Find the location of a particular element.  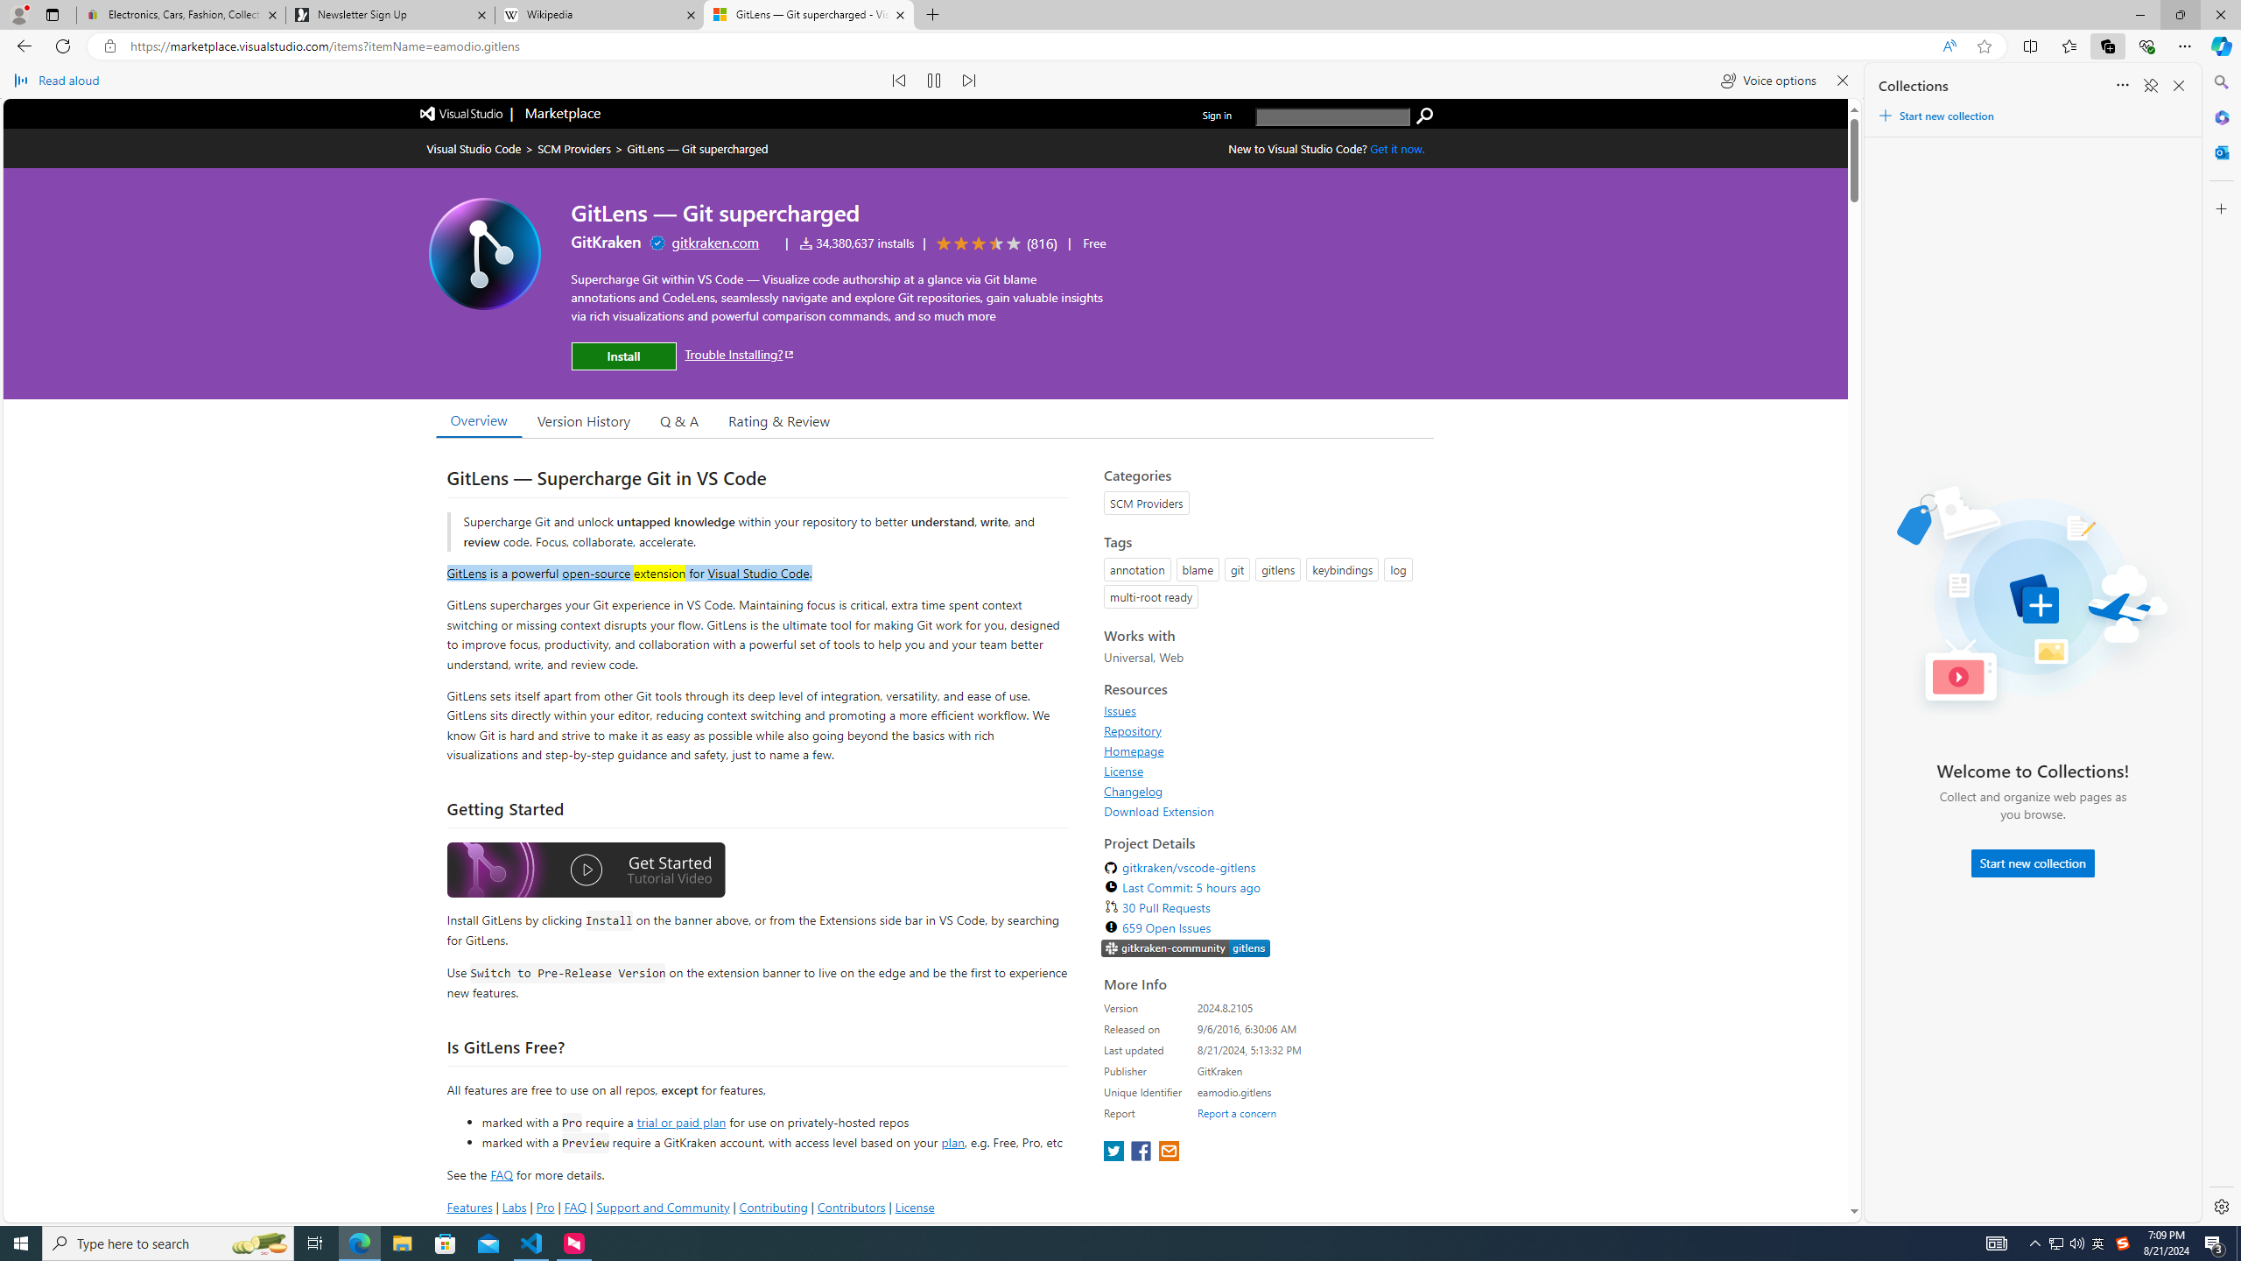

'search' is located at coordinates (1424, 115).